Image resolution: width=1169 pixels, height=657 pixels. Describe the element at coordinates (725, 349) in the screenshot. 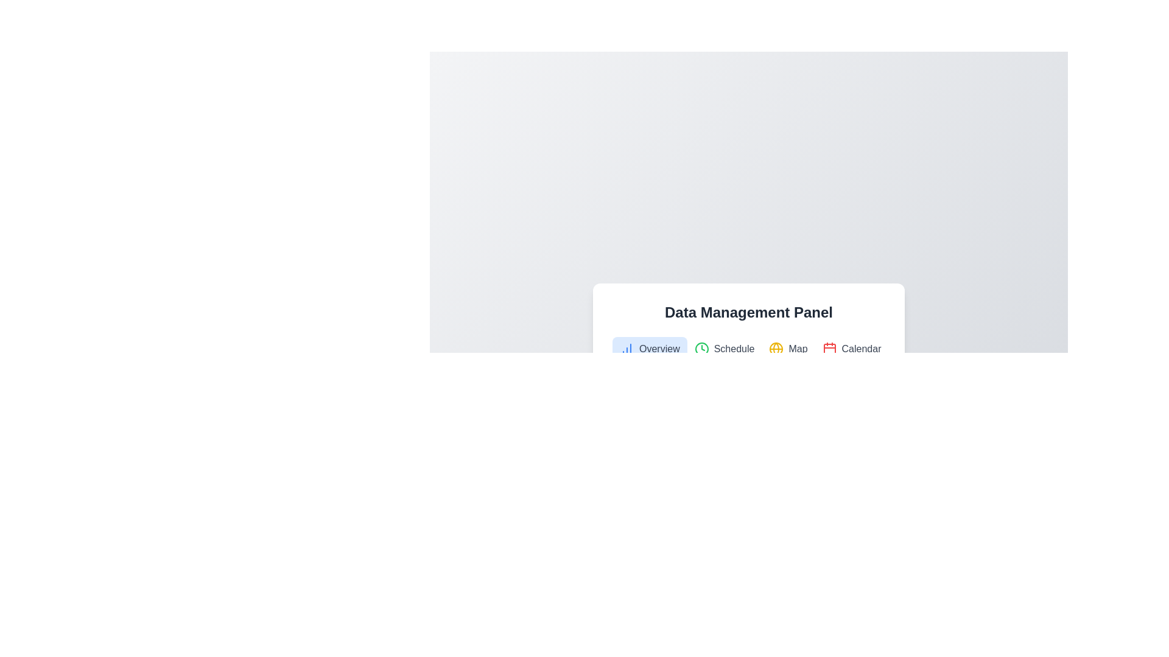

I see `the 'Schedule' button, which features a green stylized clock icon and is located between the 'Overview' and 'Map' elements in the horizontal navigation menu` at that location.